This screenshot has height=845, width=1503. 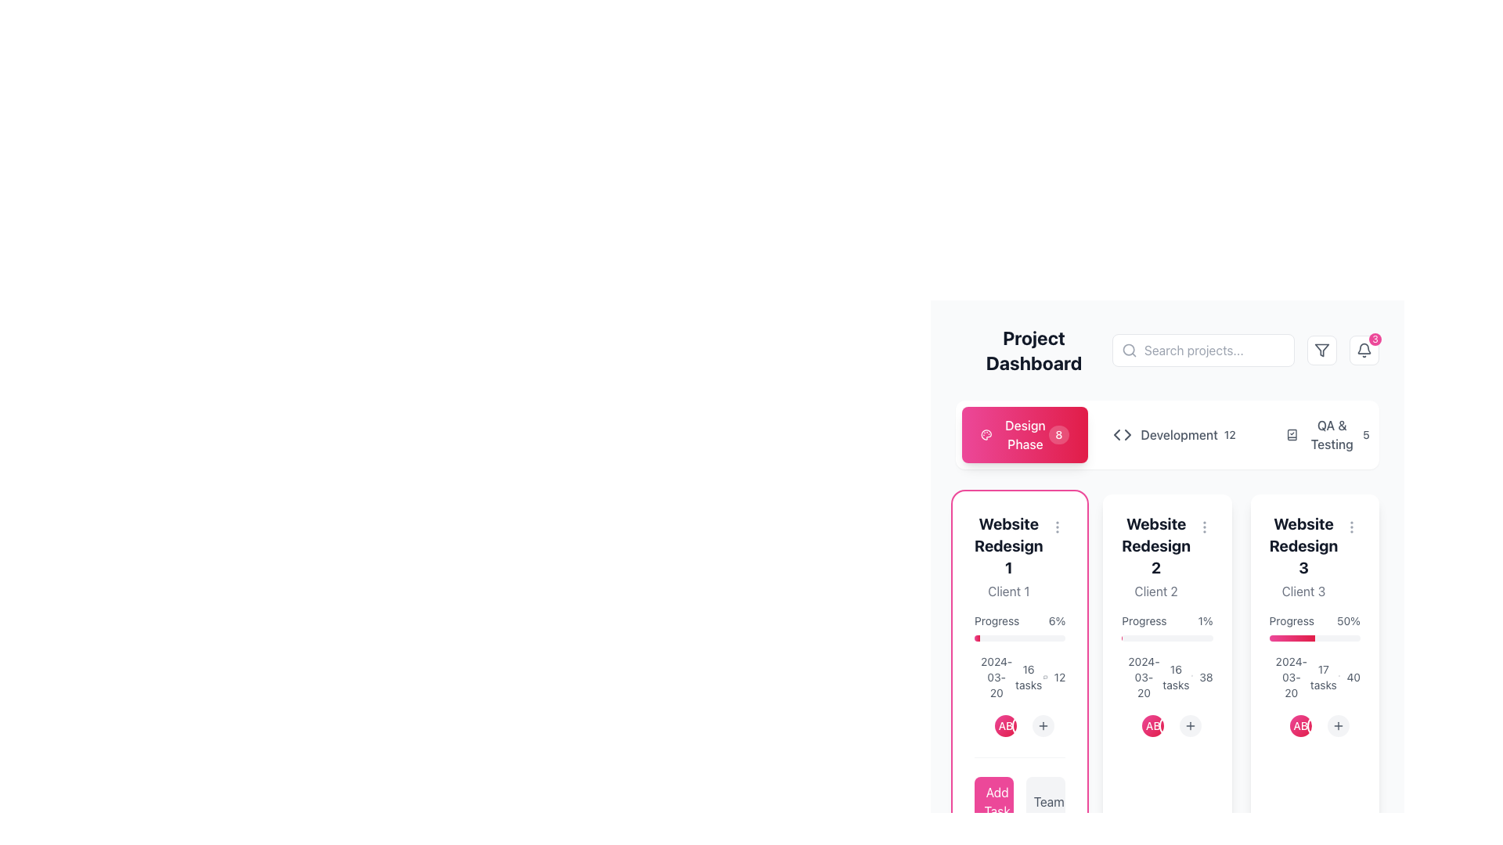 What do you see at coordinates (1320, 434) in the screenshot?
I see `the associated icon of the Label with icon located at the top-right section of the horizontal navigation bar, which serves as a category indicator for quality assurance and testing` at bounding box center [1320, 434].